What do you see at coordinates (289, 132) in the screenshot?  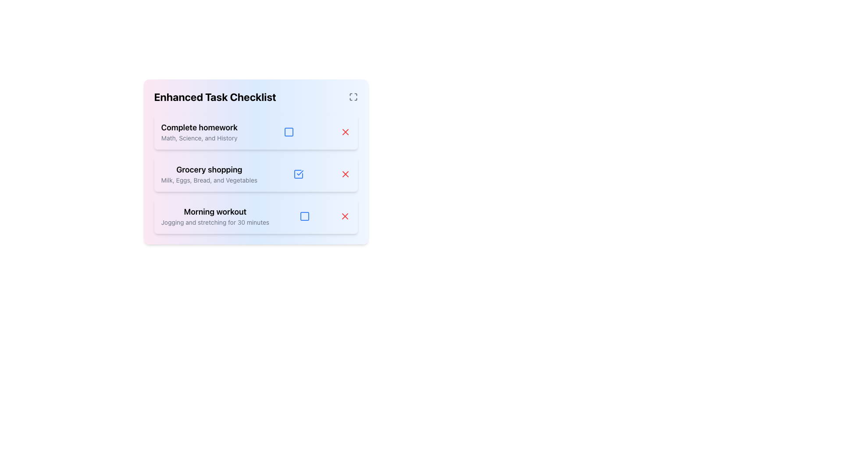 I see `the first checkbox in the checklist interface to mark the task 'Complete homework' as complete` at bounding box center [289, 132].